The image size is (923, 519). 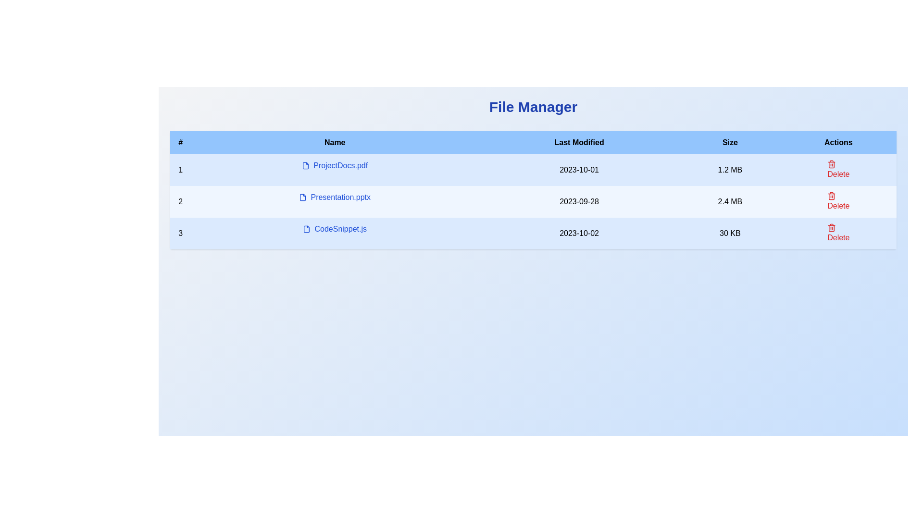 What do you see at coordinates (730, 201) in the screenshot?
I see `the static text label that displays the size of the file 'Presentation.pptx', located in the second row under the 'Size' column, to the right of the 'Last Modified' column` at bounding box center [730, 201].